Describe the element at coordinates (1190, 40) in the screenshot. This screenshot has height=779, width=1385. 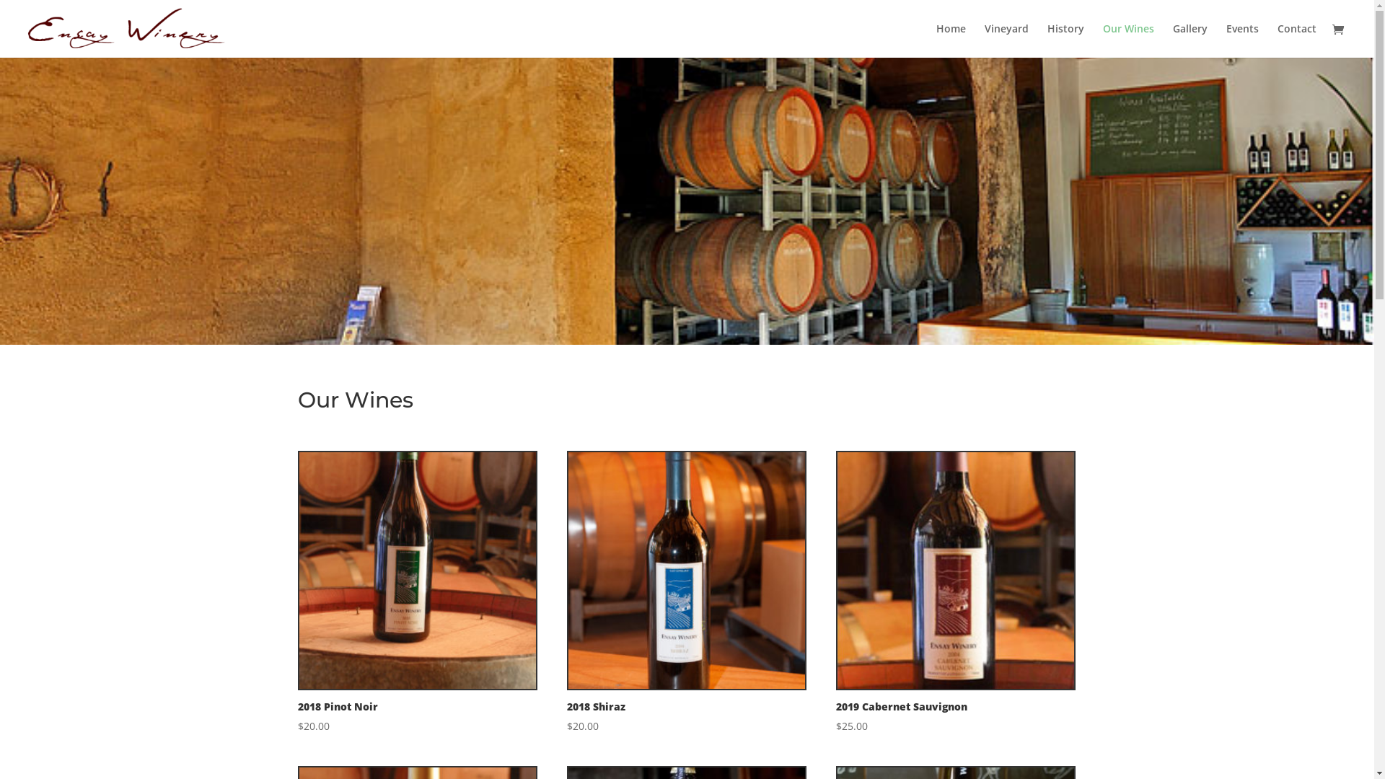
I see `'Gallery'` at that location.